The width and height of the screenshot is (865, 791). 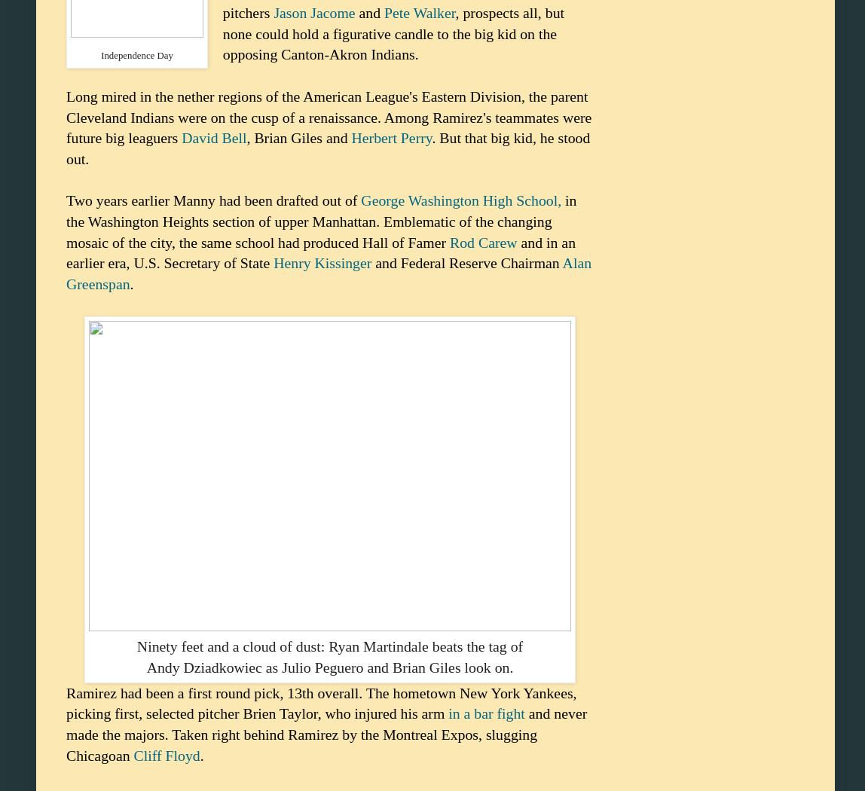 I want to click on 'Alan Greenspan', so click(x=66, y=272).